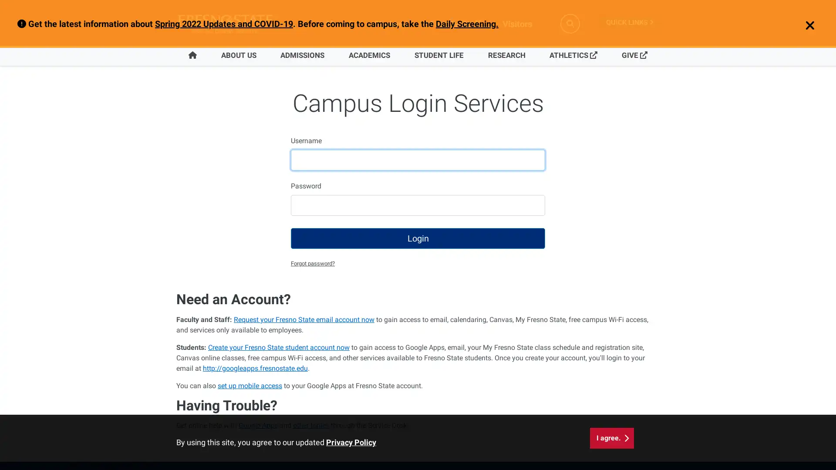 Image resolution: width=836 pixels, height=470 pixels. I want to click on QUICK LINKS, so click(629, 22).